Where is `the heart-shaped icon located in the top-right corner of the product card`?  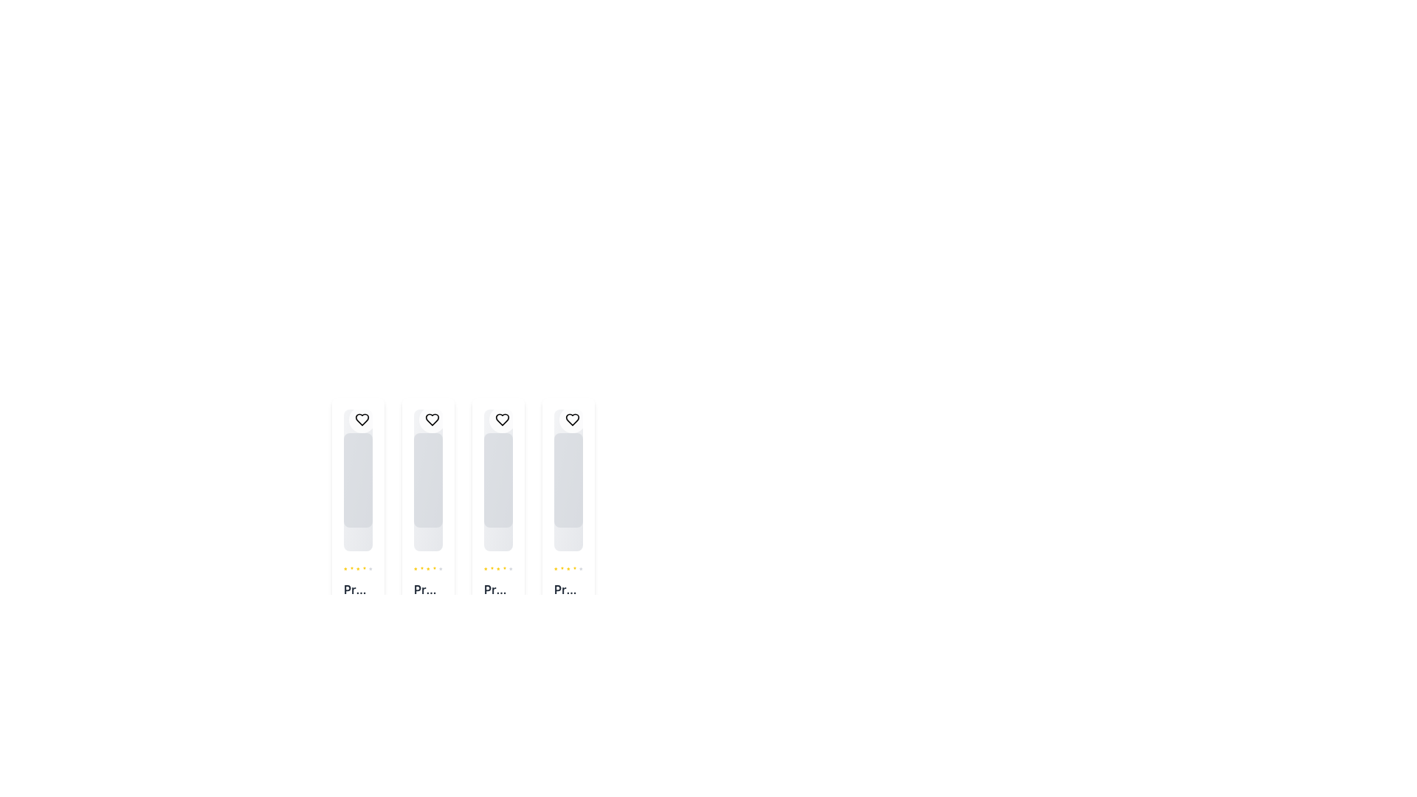
the heart-shaped icon located in the top-right corner of the product card is located at coordinates (503, 420).